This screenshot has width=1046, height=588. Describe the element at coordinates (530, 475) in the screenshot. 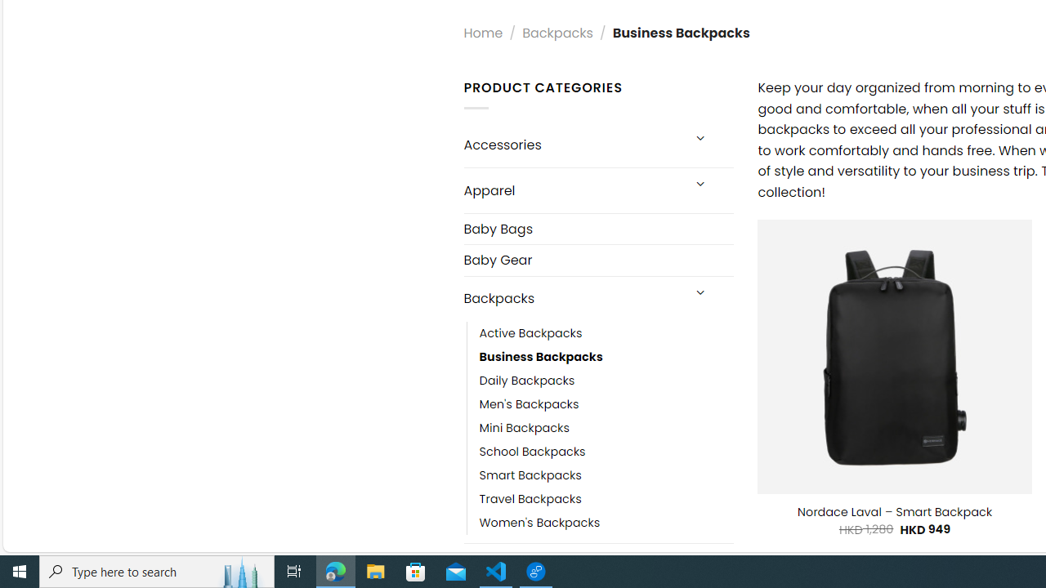

I see `'Smart Backpacks'` at that location.